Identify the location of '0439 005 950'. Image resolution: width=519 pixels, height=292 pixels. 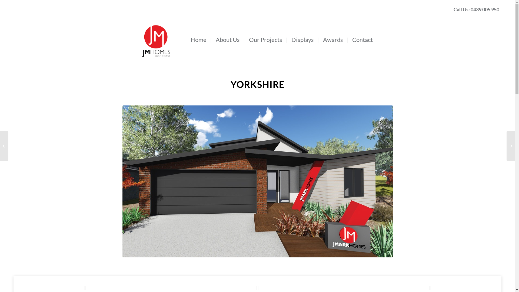
(485, 9).